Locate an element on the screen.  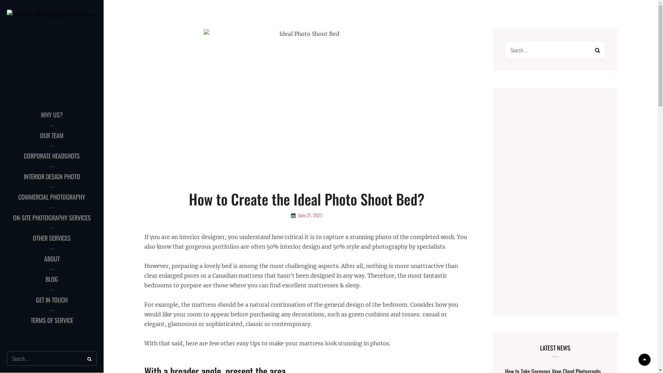
'WHY US?' is located at coordinates (51, 114).